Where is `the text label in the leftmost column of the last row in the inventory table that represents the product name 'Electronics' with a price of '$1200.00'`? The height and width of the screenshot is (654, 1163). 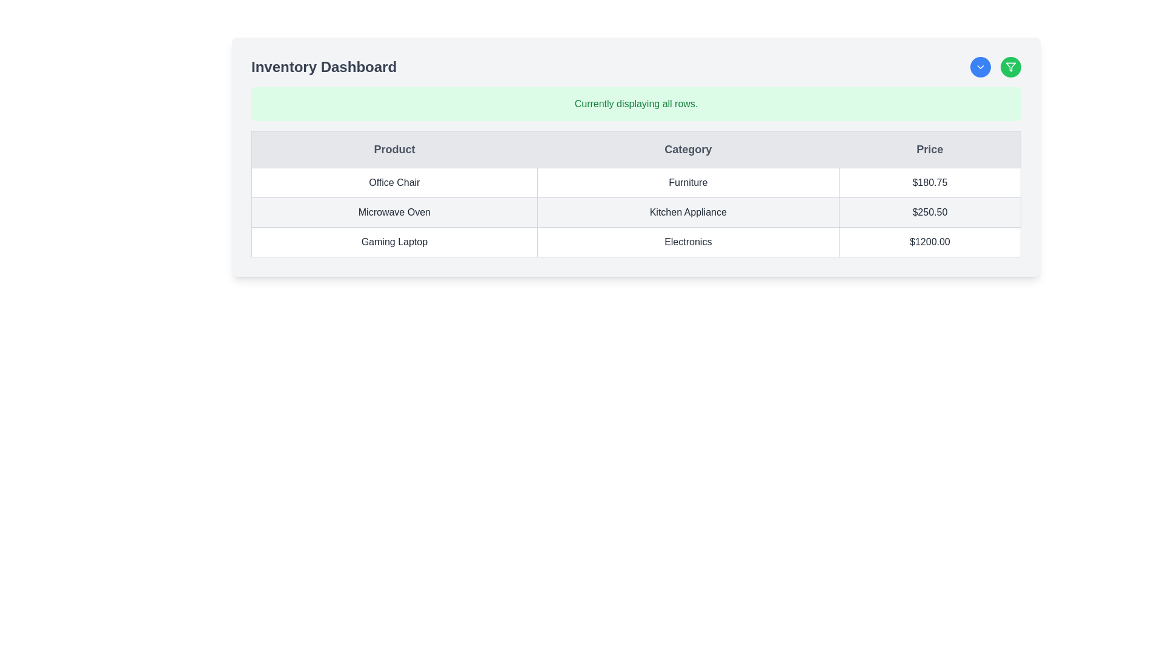 the text label in the leftmost column of the last row in the inventory table that represents the product name 'Electronics' with a price of '$1200.00' is located at coordinates (394, 242).